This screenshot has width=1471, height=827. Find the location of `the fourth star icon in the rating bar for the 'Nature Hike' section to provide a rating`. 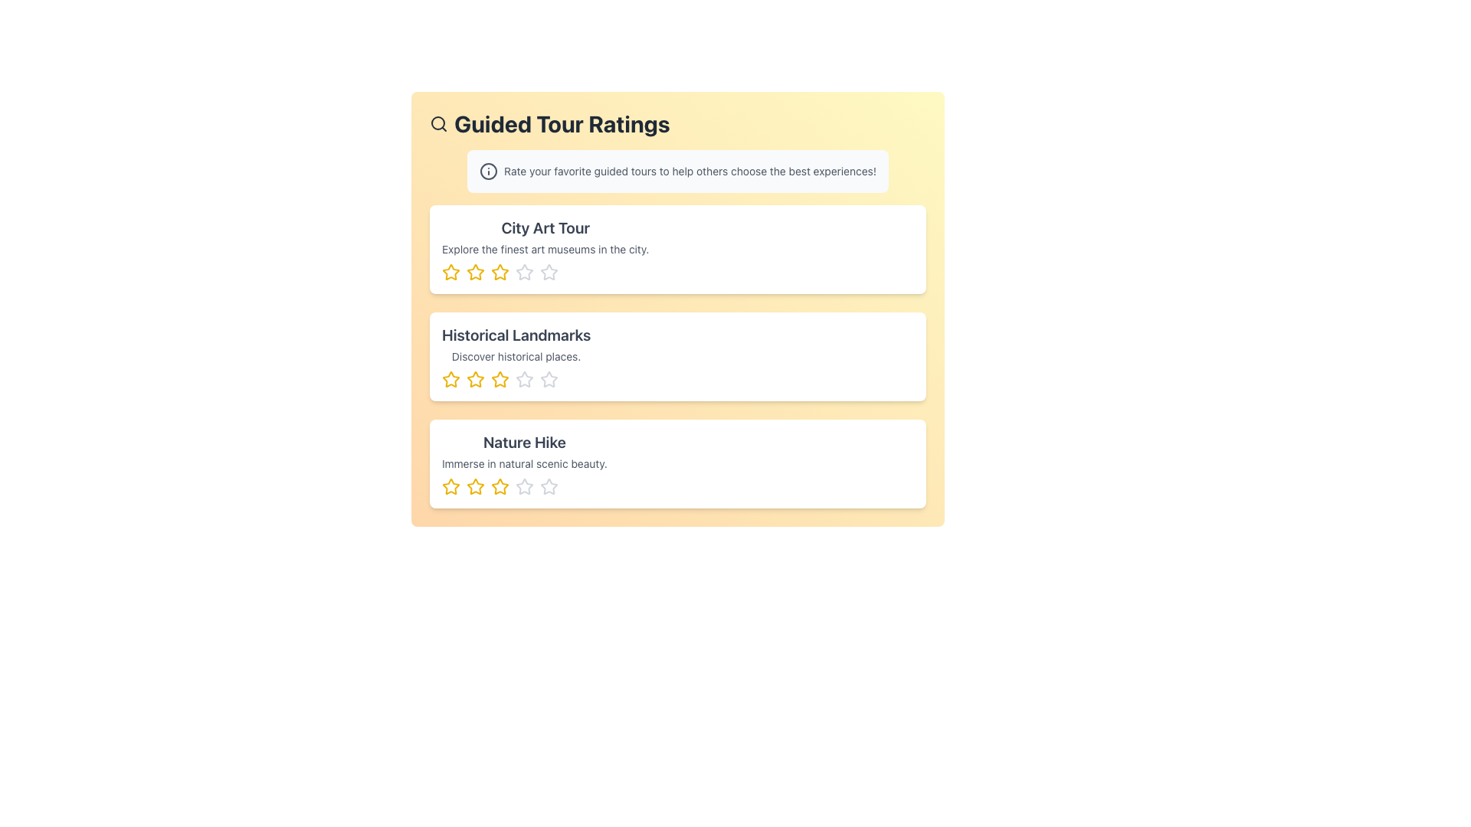

the fourth star icon in the rating bar for the 'Nature Hike' section to provide a rating is located at coordinates (525, 486).